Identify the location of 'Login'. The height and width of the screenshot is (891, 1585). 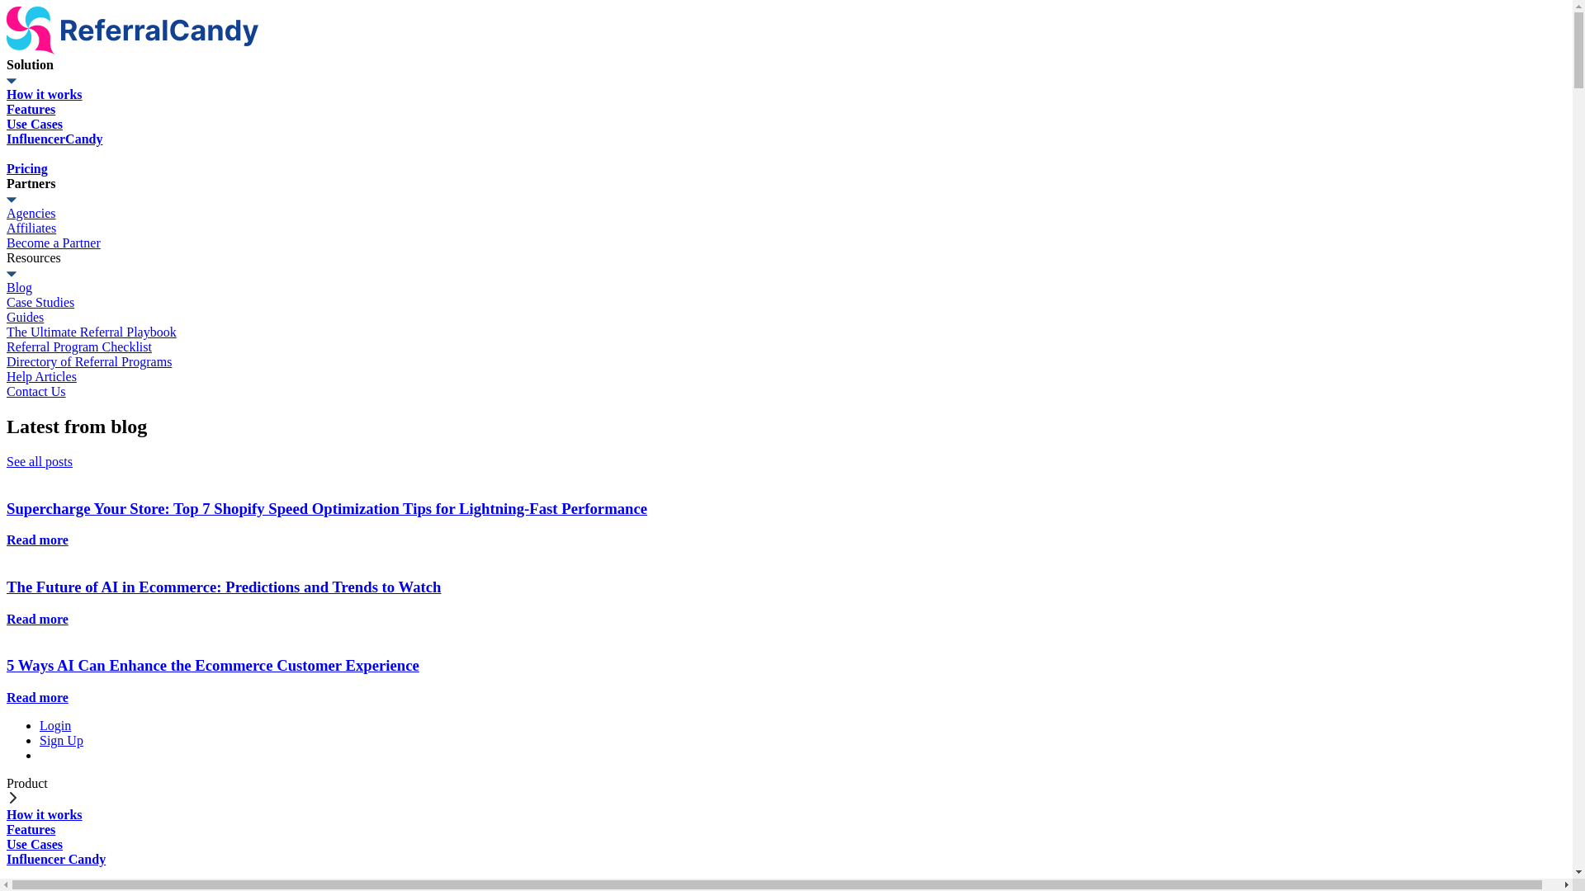
(55, 724).